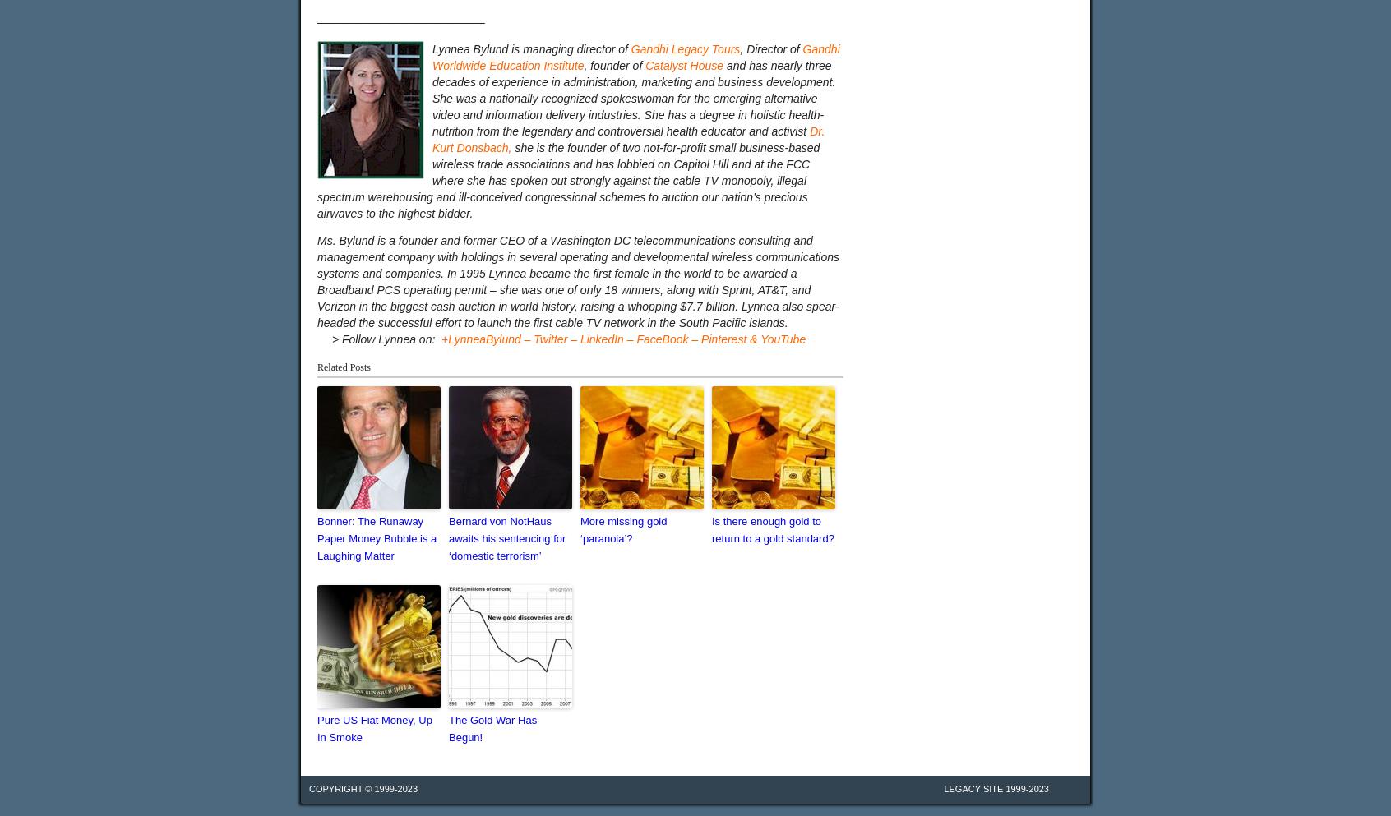 The width and height of the screenshot is (1391, 816). I want to click on ', Director of', so click(738, 48).